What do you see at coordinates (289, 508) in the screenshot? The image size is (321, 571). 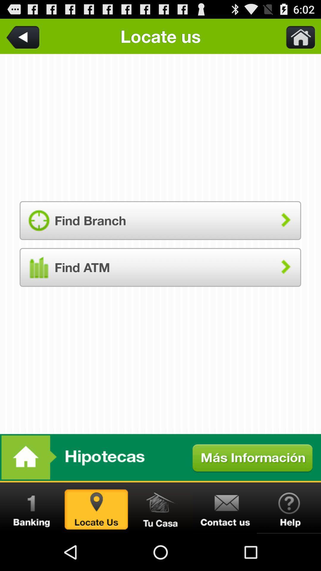 I see `help which is at the bottom right corner` at bounding box center [289, 508].